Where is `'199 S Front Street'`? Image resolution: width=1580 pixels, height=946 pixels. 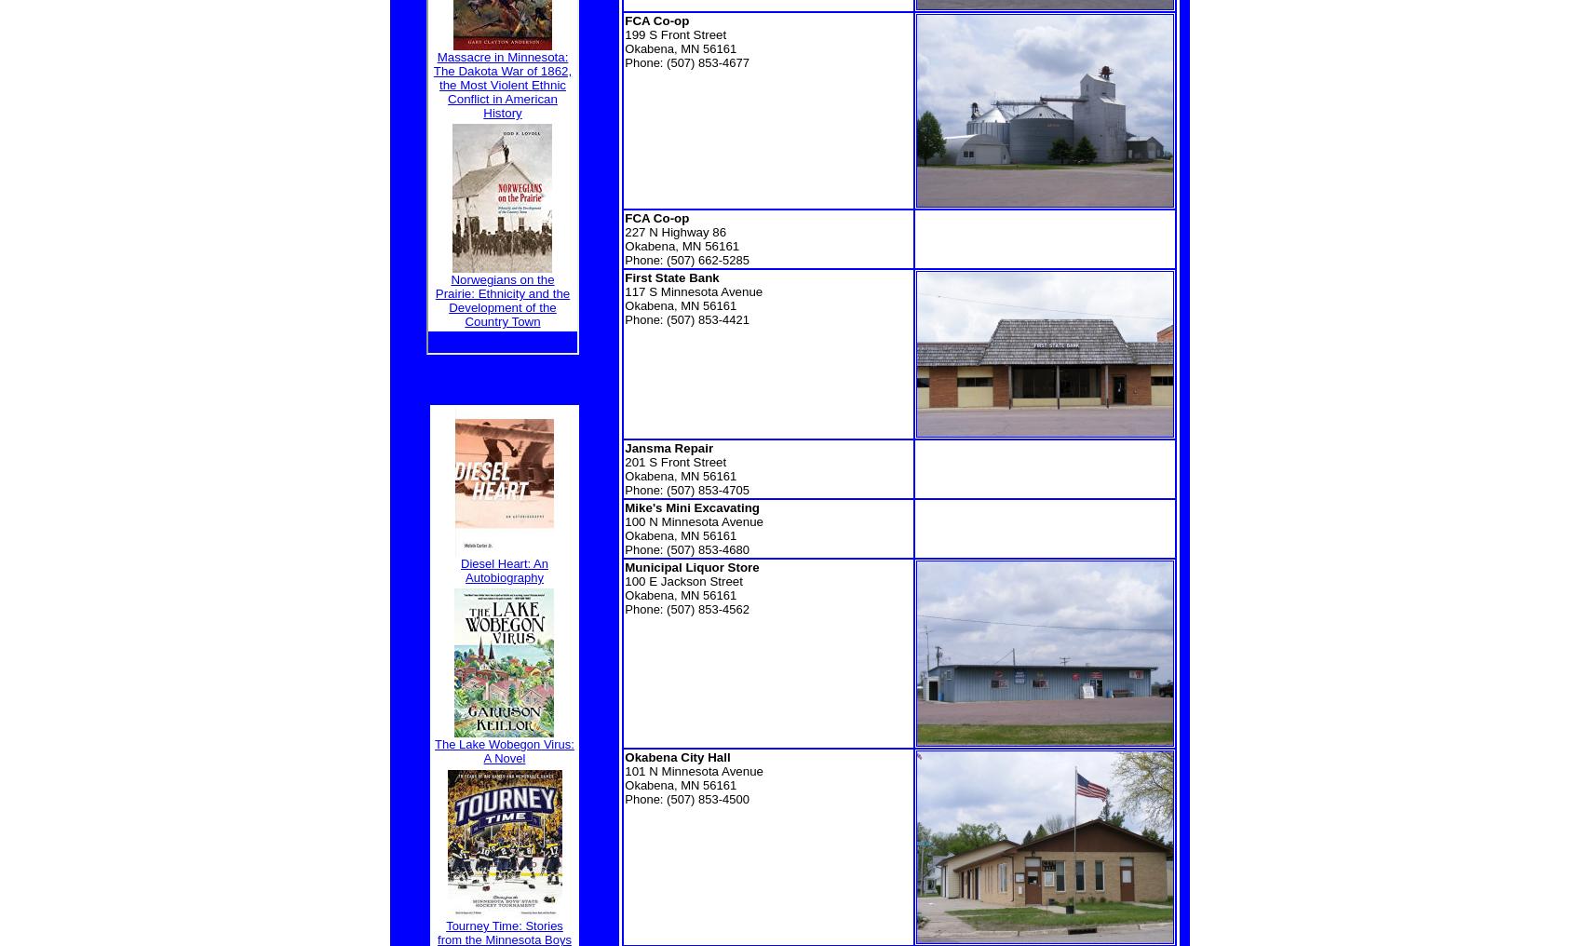
'199 S Front Street' is located at coordinates (674, 34).